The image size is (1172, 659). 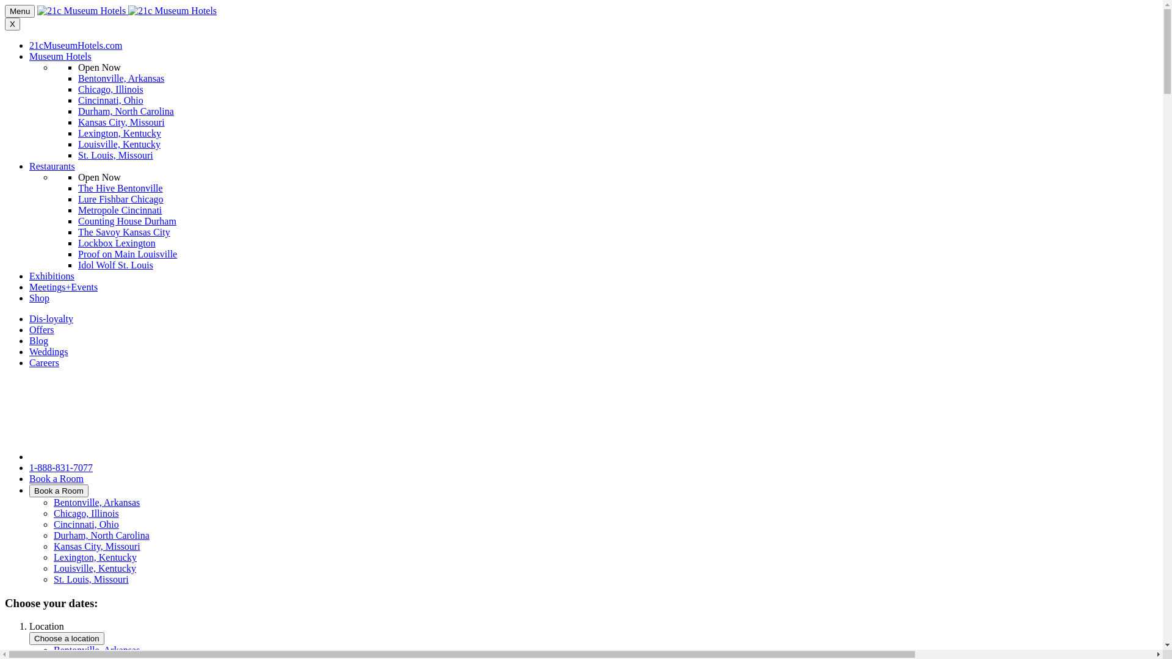 I want to click on 'Chicago, Illinois', so click(x=85, y=513).